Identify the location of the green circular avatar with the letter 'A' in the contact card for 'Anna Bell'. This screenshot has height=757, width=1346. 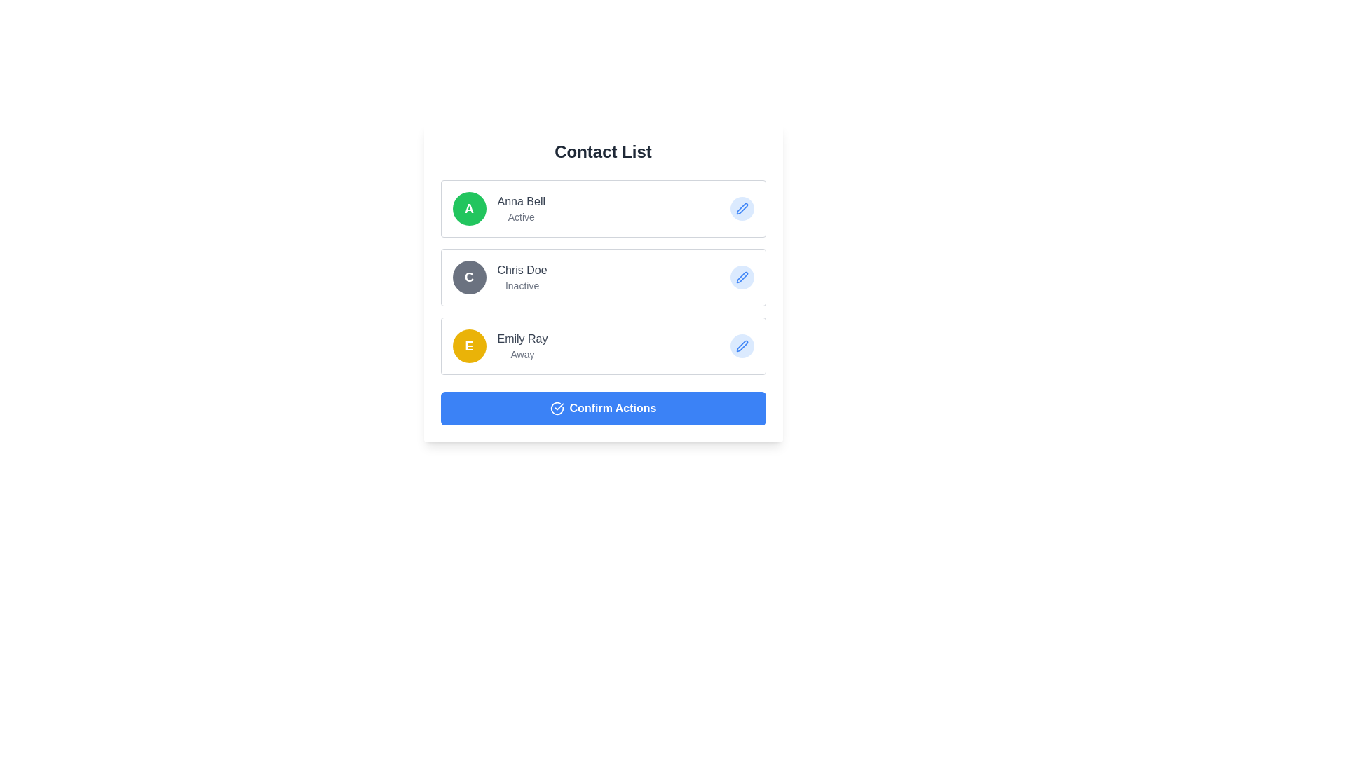
(603, 208).